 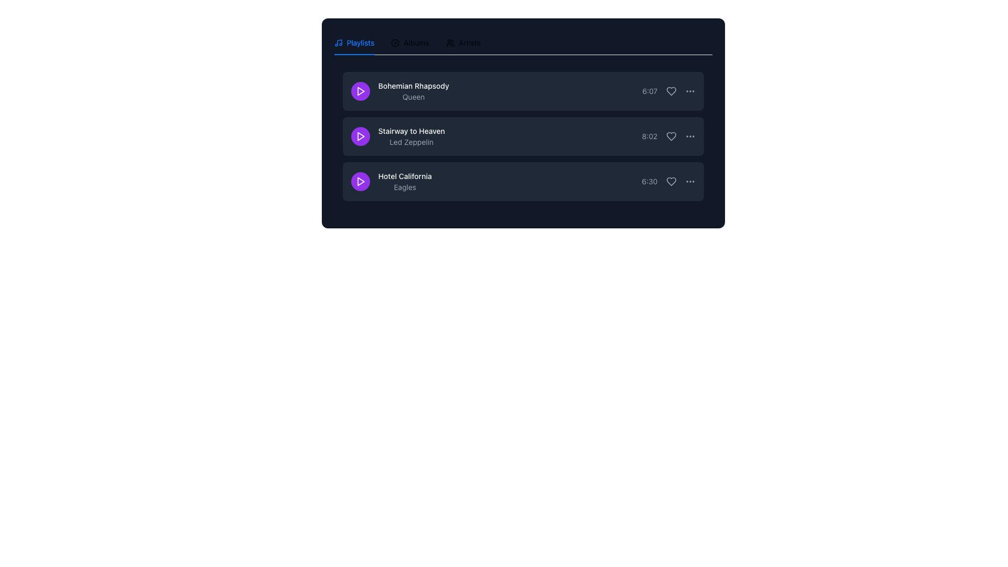 I want to click on the 'Albums' tab in the navigation bar, so click(x=409, y=42).